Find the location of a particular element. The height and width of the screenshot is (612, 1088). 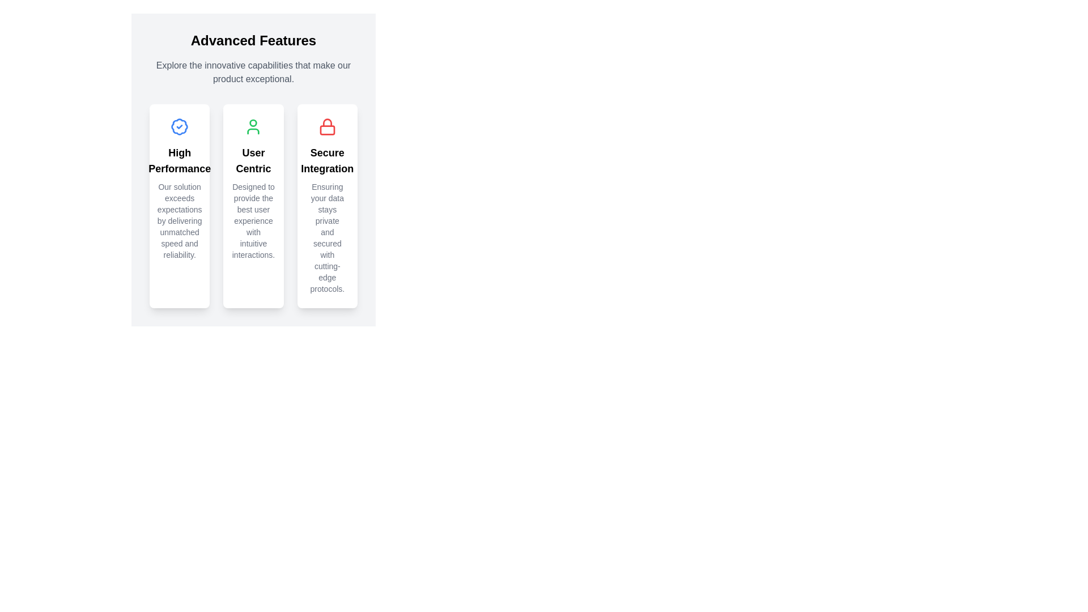

the circle element that represents the head in the user icon of the 'User Centric' feature card, which is part of an SVG graphic located in the center of the middle card above the text 'User Centric' is located at coordinates (253, 123).